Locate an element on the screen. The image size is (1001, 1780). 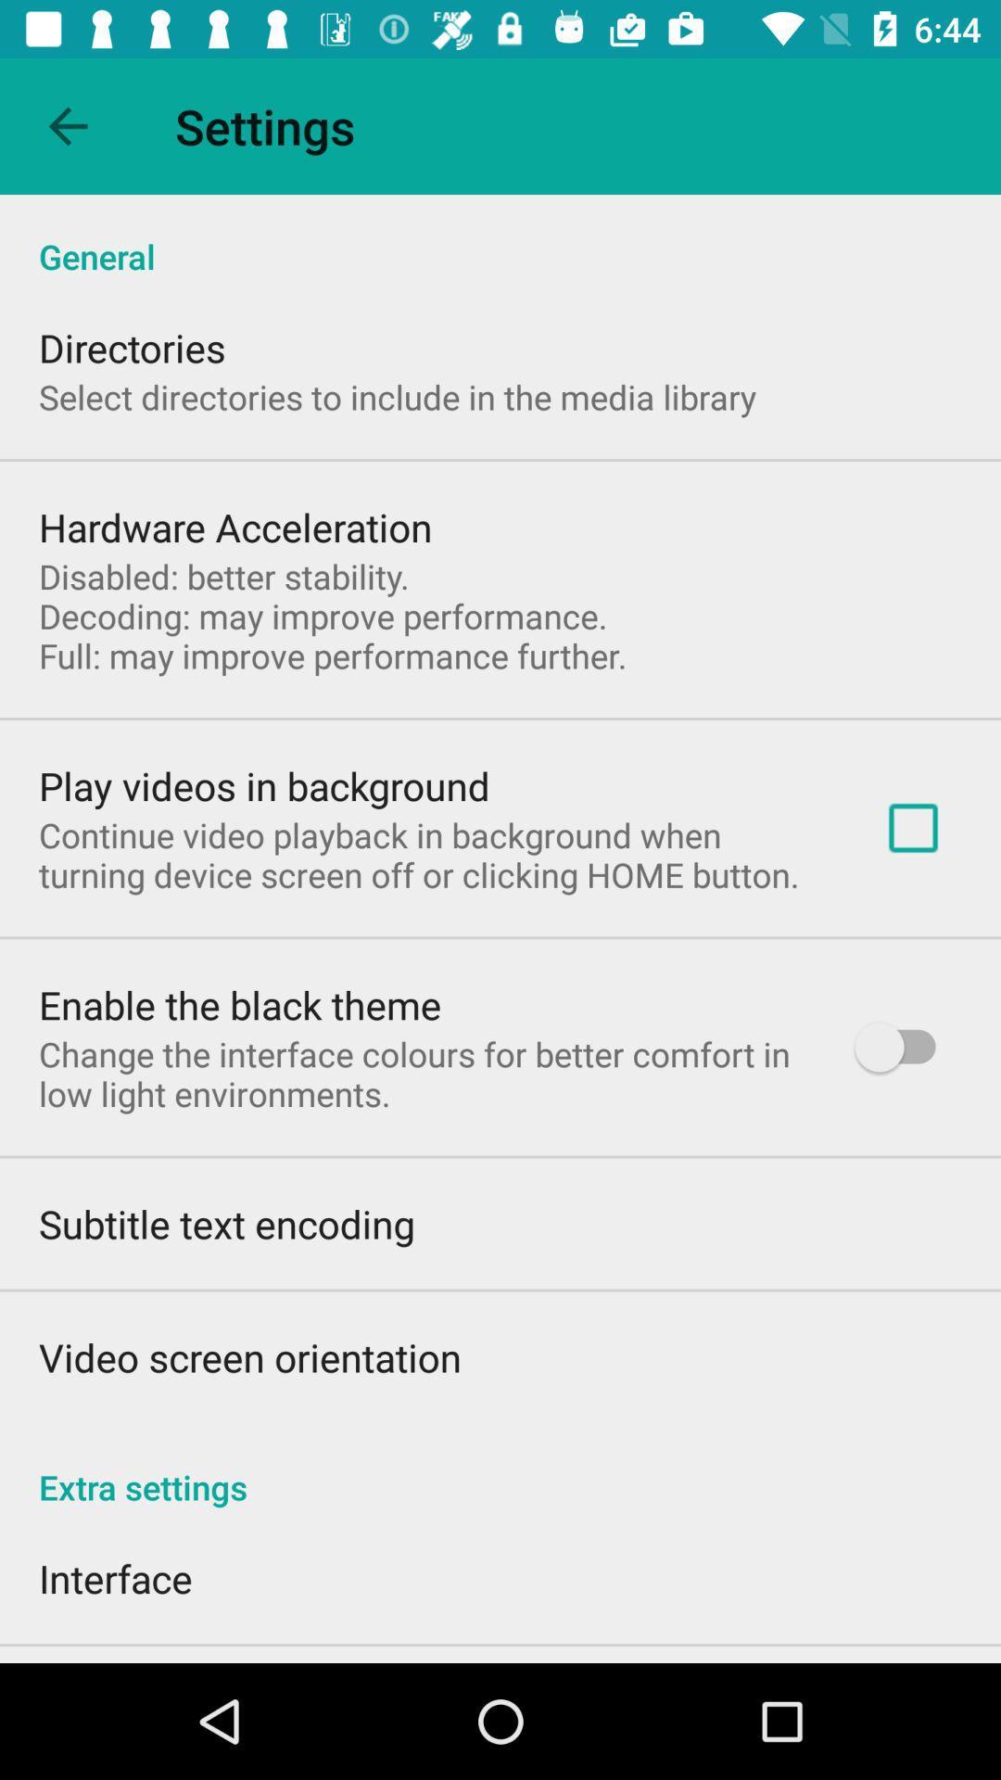
the item to the right of the continue video playback icon is located at coordinates (912, 827).